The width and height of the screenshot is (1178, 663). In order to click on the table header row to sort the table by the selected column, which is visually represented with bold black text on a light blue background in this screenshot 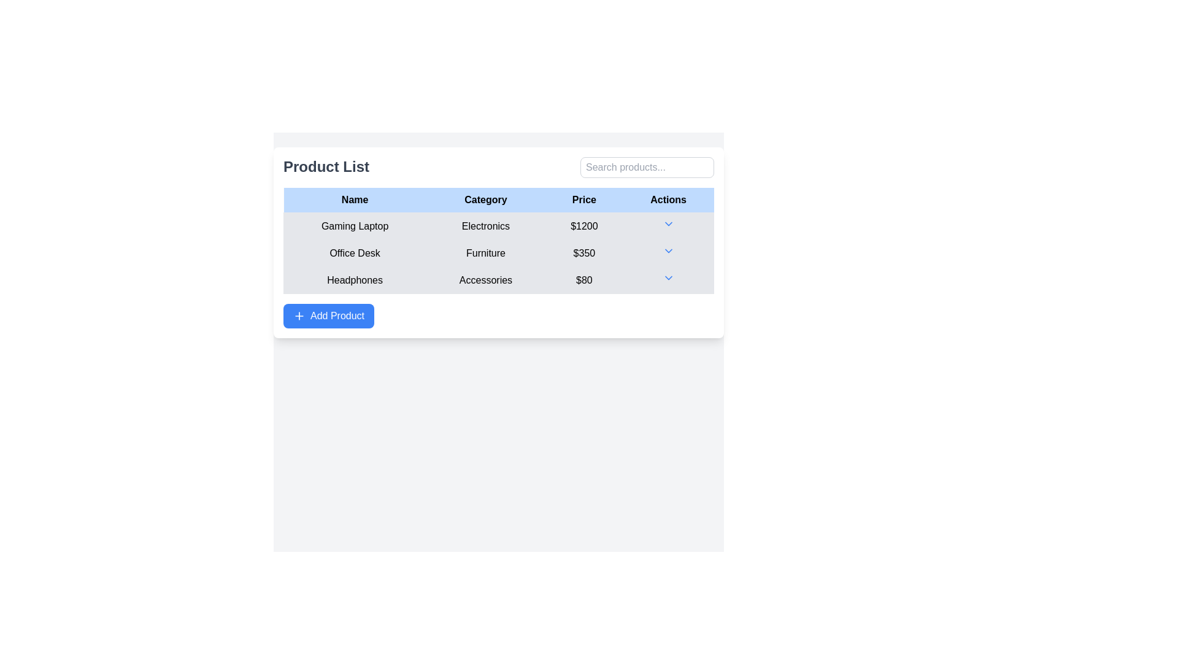, I will do `click(498, 200)`.